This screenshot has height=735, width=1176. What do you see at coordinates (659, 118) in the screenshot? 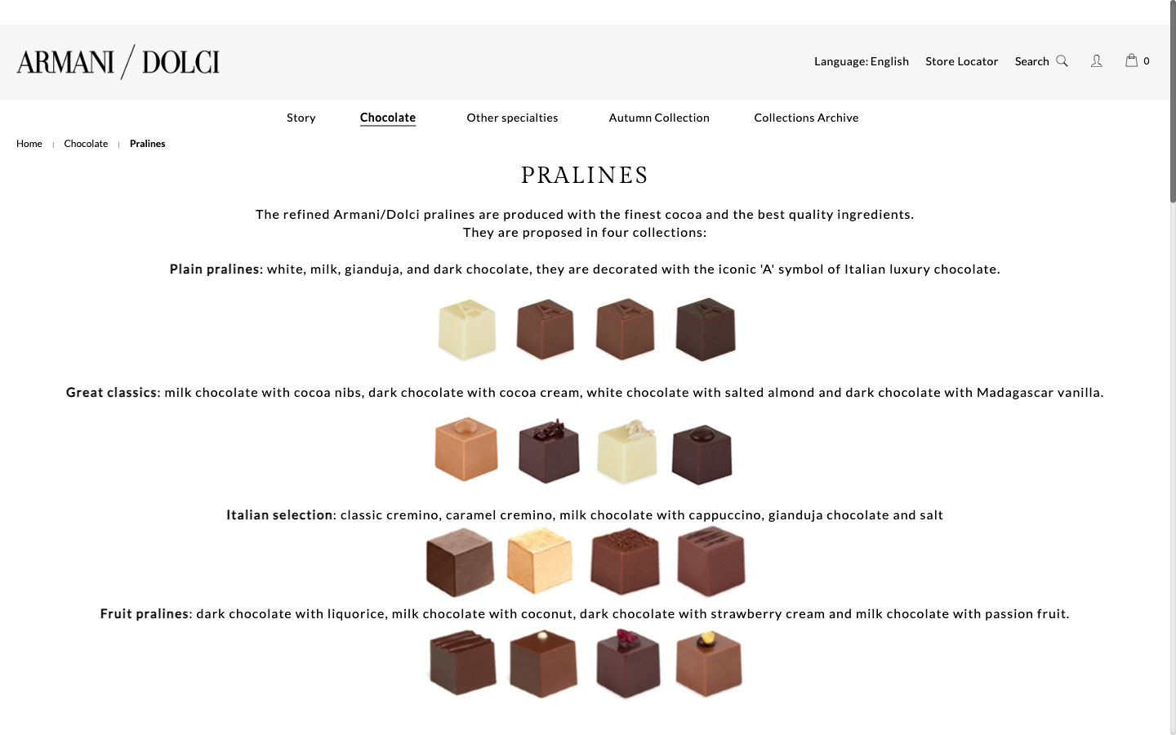
I see `Redirect to the autumn collection of chocolates` at bounding box center [659, 118].